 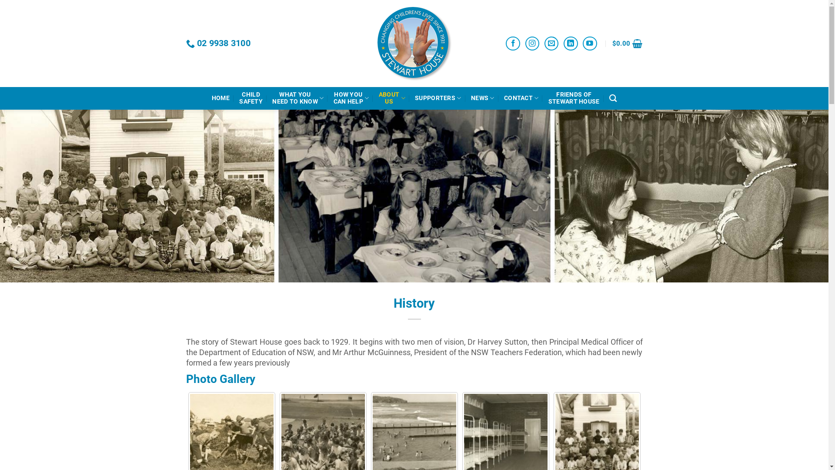 What do you see at coordinates (548, 98) in the screenshot?
I see `'FRIENDS OF` at bounding box center [548, 98].